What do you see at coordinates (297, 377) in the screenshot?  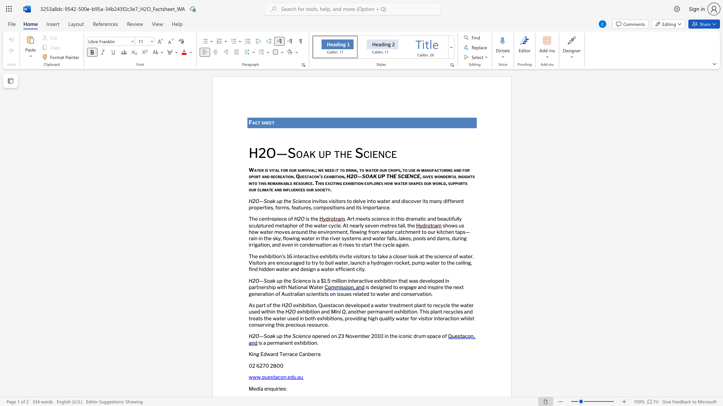 I see `the subset text "au" within the text "www.questacon.edu.au"` at bounding box center [297, 377].